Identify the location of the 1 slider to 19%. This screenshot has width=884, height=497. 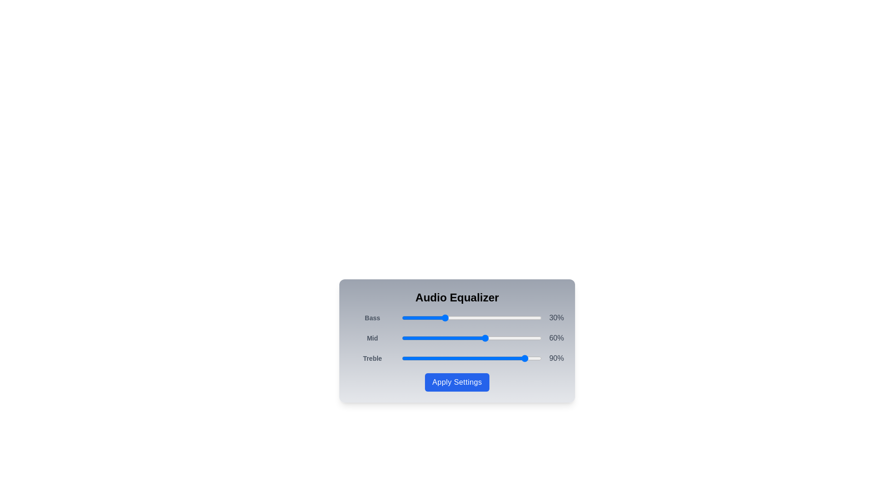
(428, 338).